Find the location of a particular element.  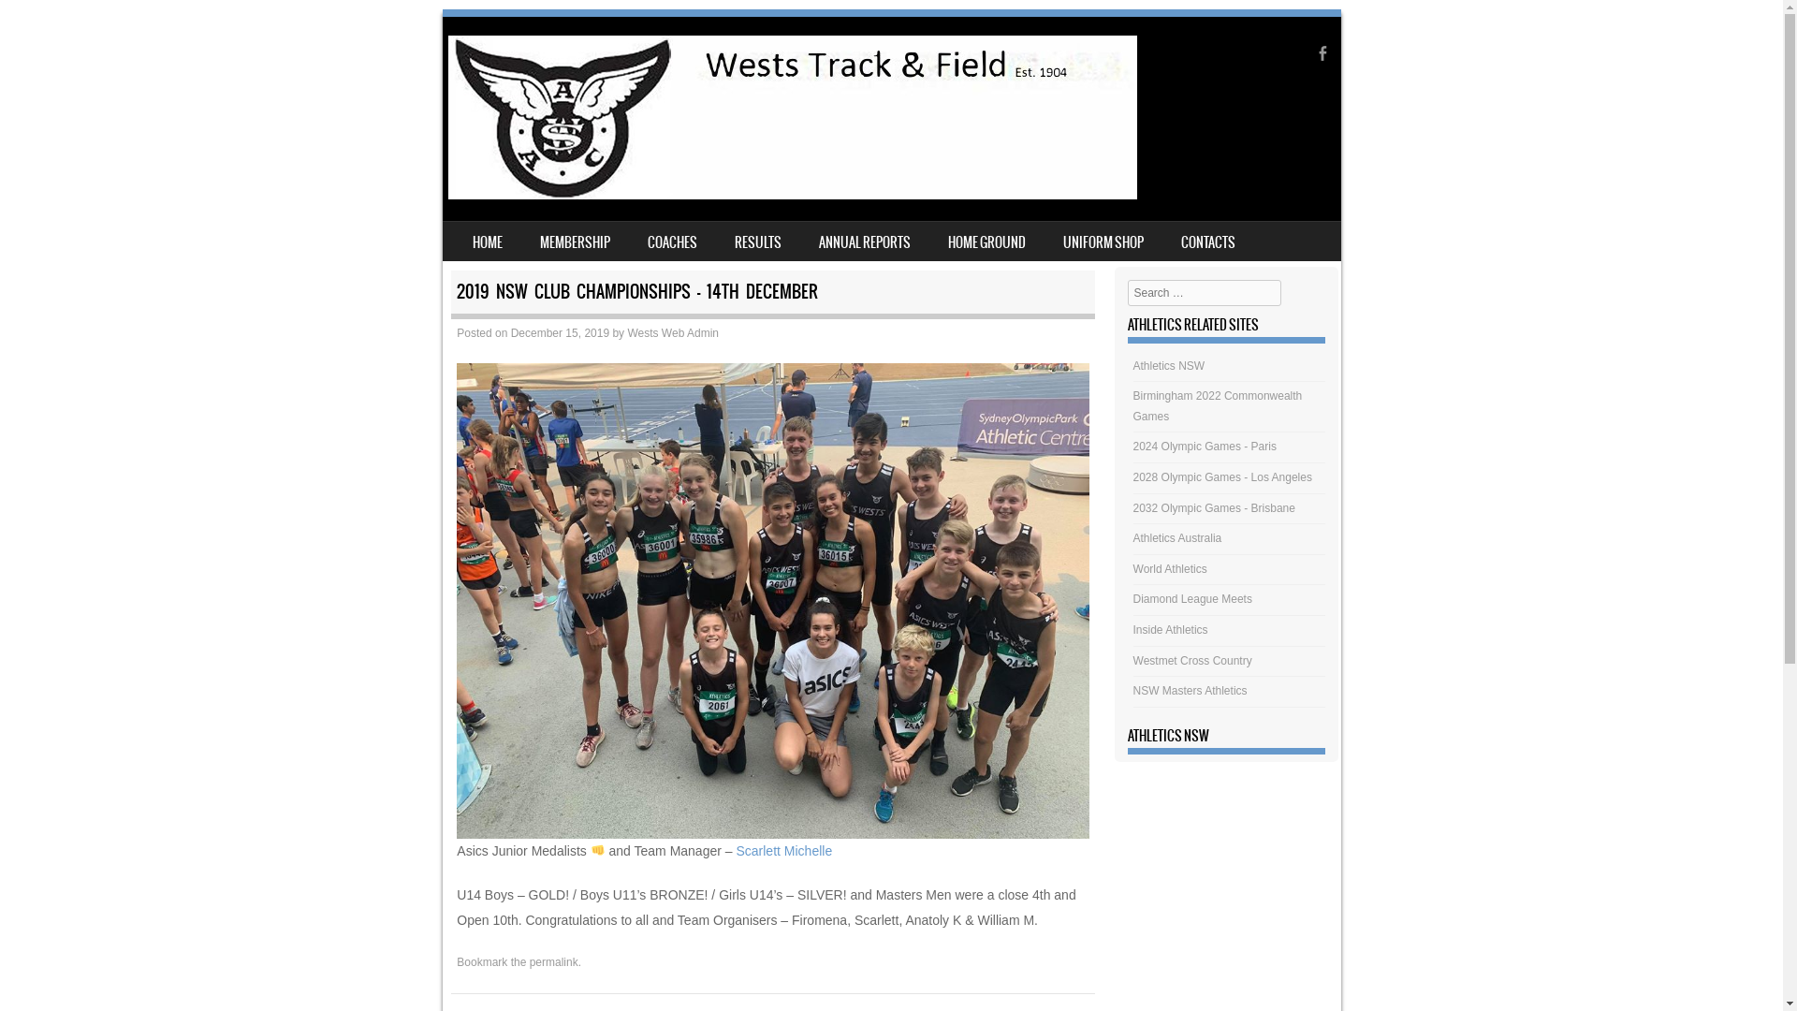

'Search' is located at coordinates (40, 22).